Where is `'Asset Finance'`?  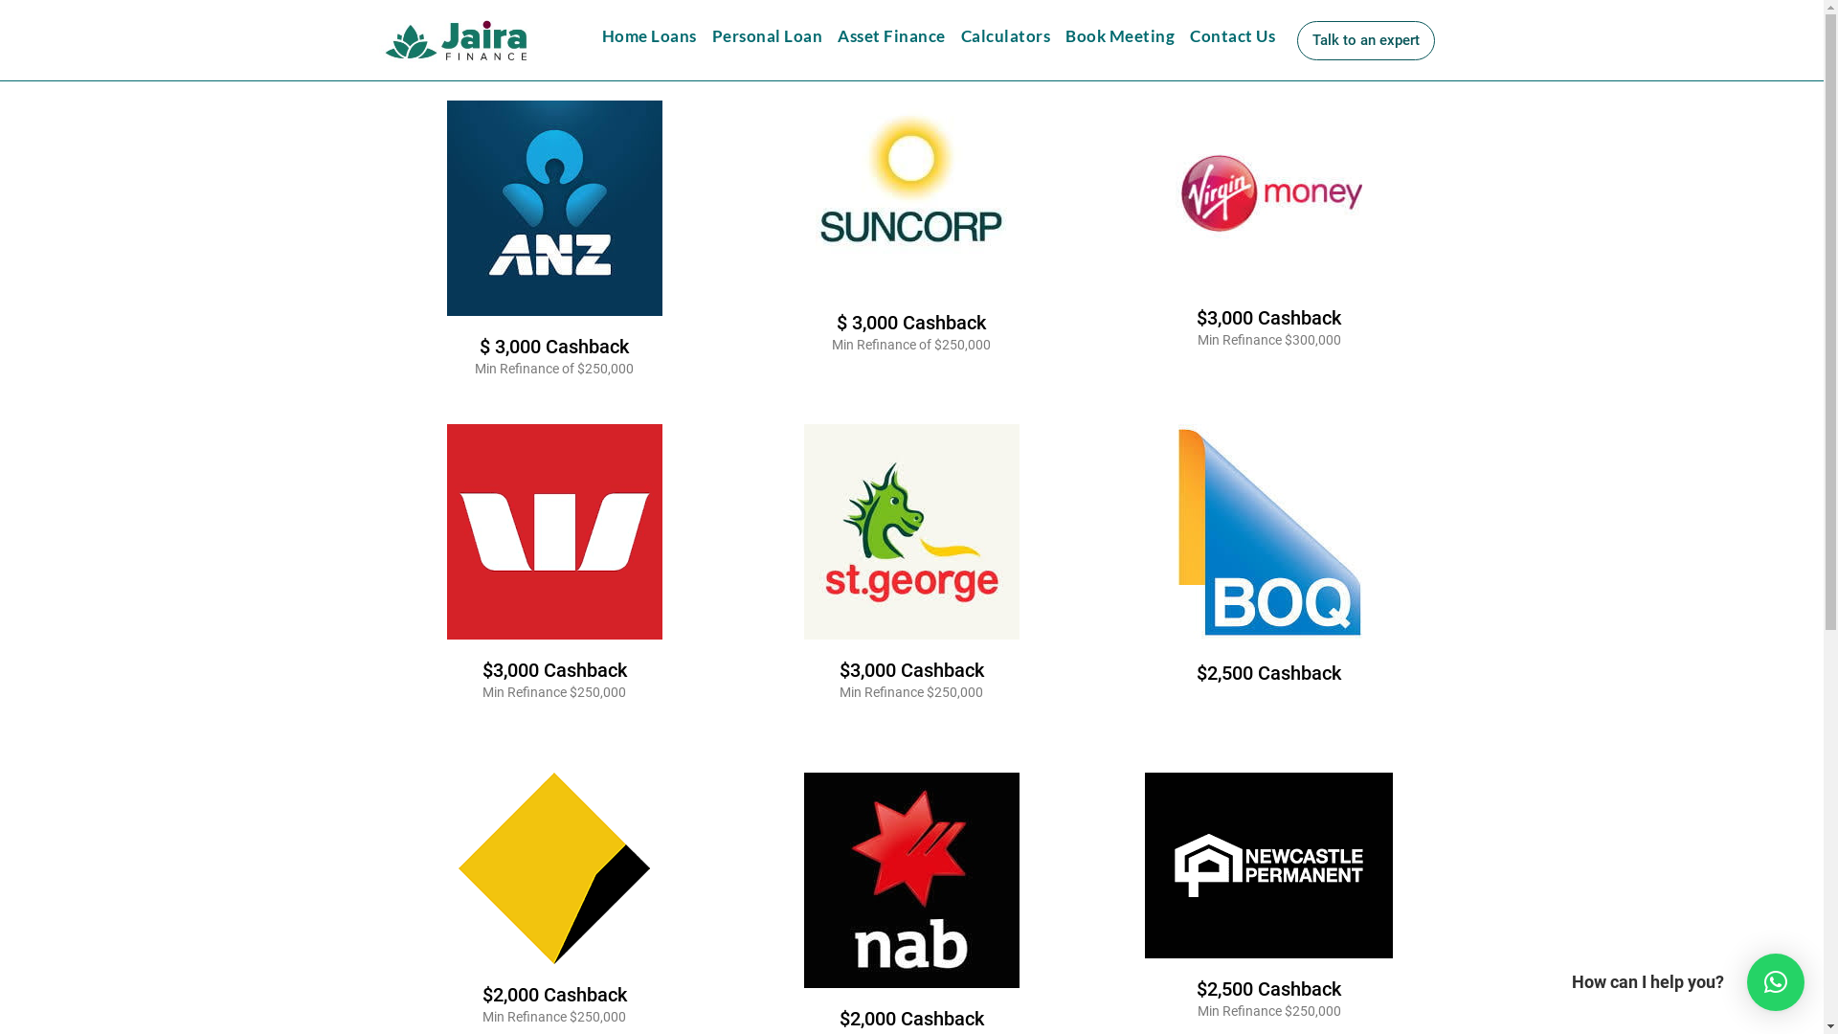 'Asset Finance' is located at coordinates (890, 36).